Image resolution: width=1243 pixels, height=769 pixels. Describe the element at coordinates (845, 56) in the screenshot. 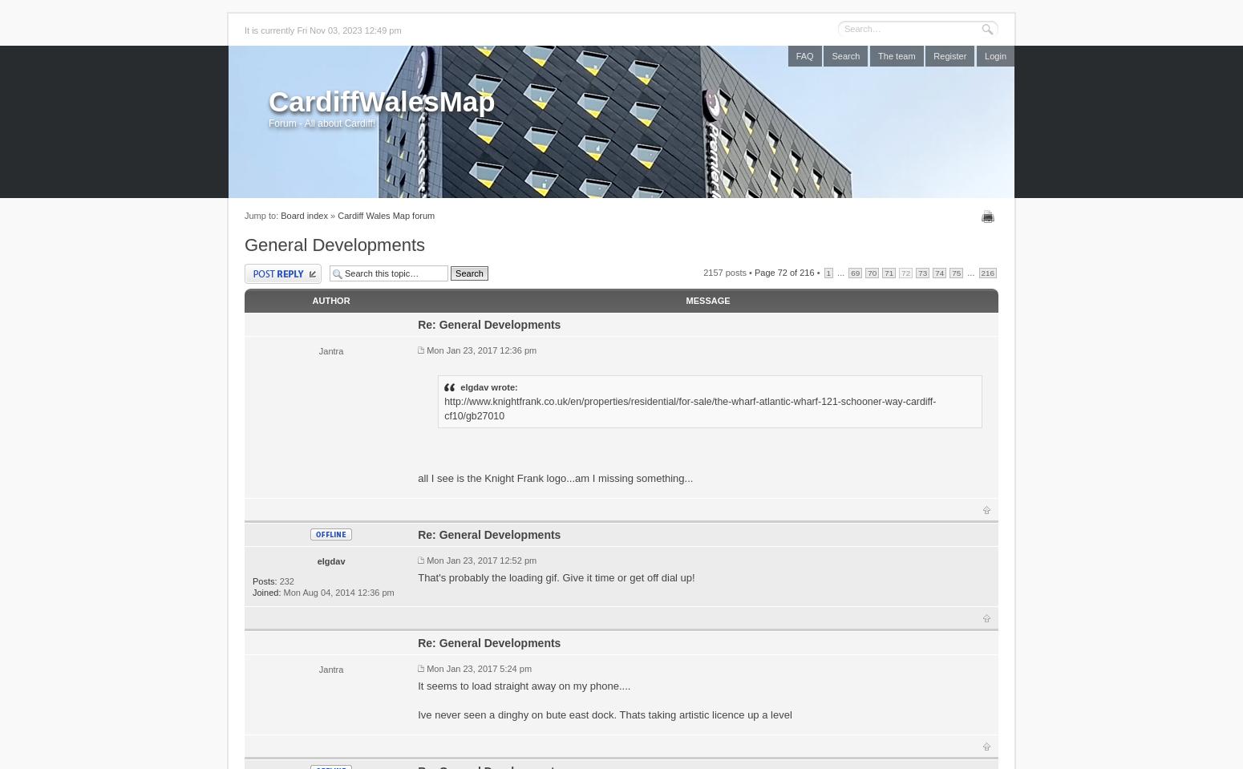

I see `'Search'` at that location.